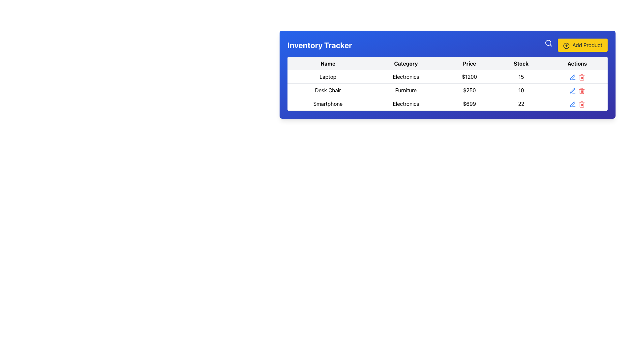 Image resolution: width=633 pixels, height=356 pixels. What do you see at coordinates (582, 91) in the screenshot?
I see `the red trash can icon button located in the 'Actions' column of the inventory table for the 'Desk Chair' item` at bounding box center [582, 91].